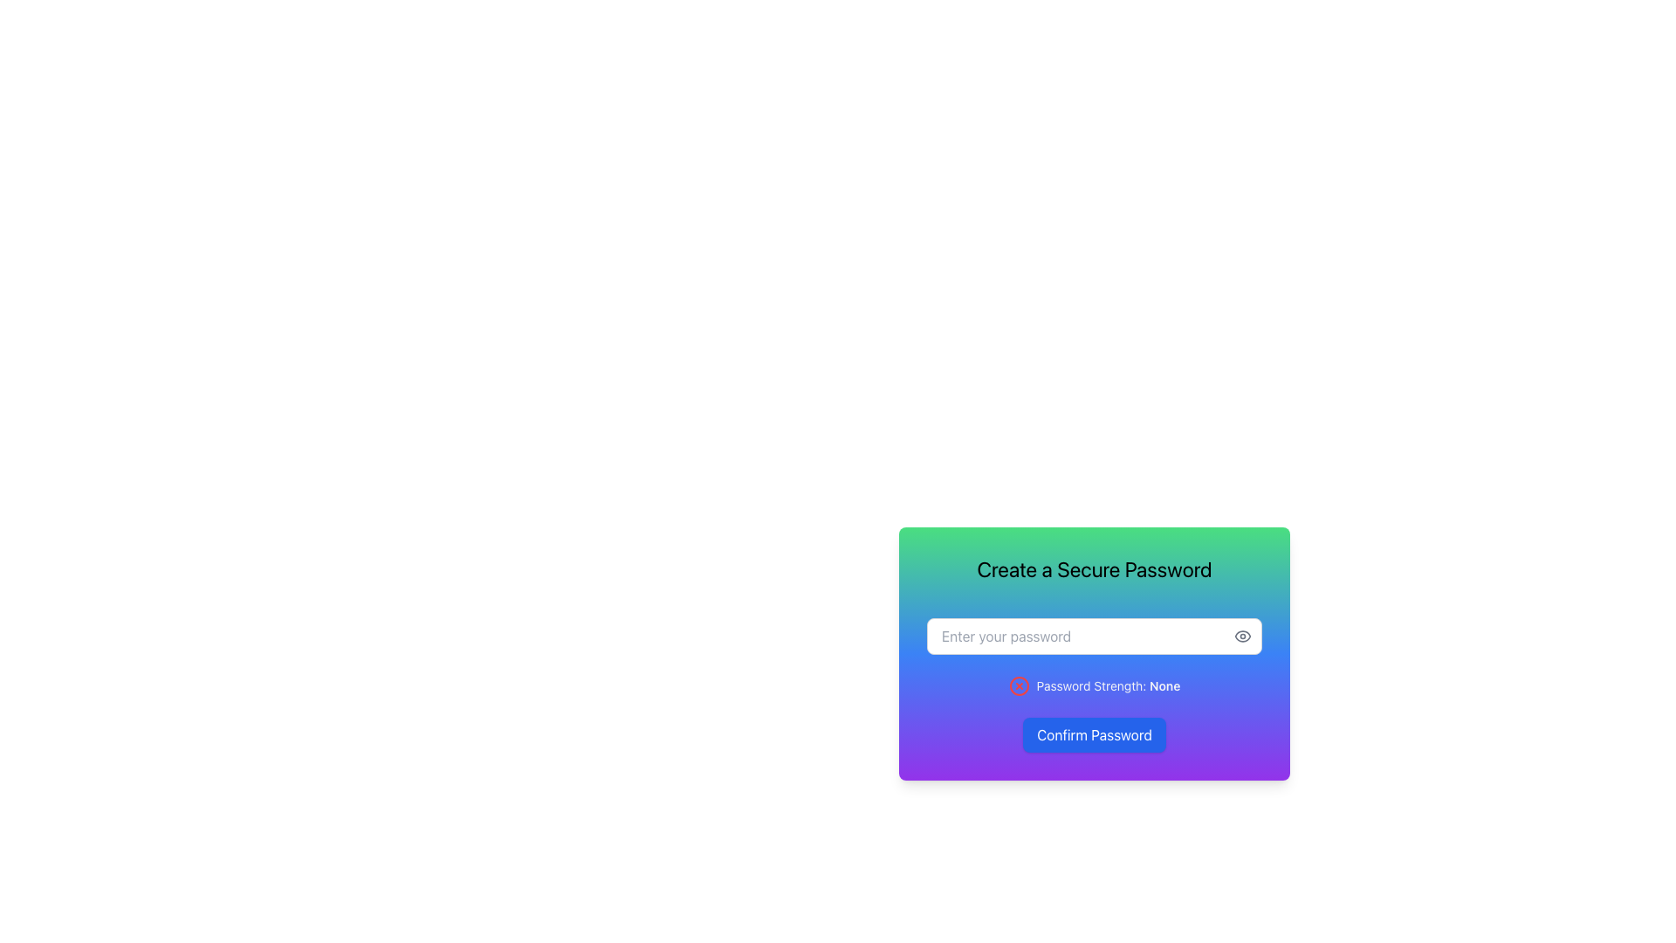  What do you see at coordinates (1144, 721) in the screenshot?
I see `the blue 'Confirm Password' button located at the bottom center of the dialog box` at bounding box center [1144, 721].